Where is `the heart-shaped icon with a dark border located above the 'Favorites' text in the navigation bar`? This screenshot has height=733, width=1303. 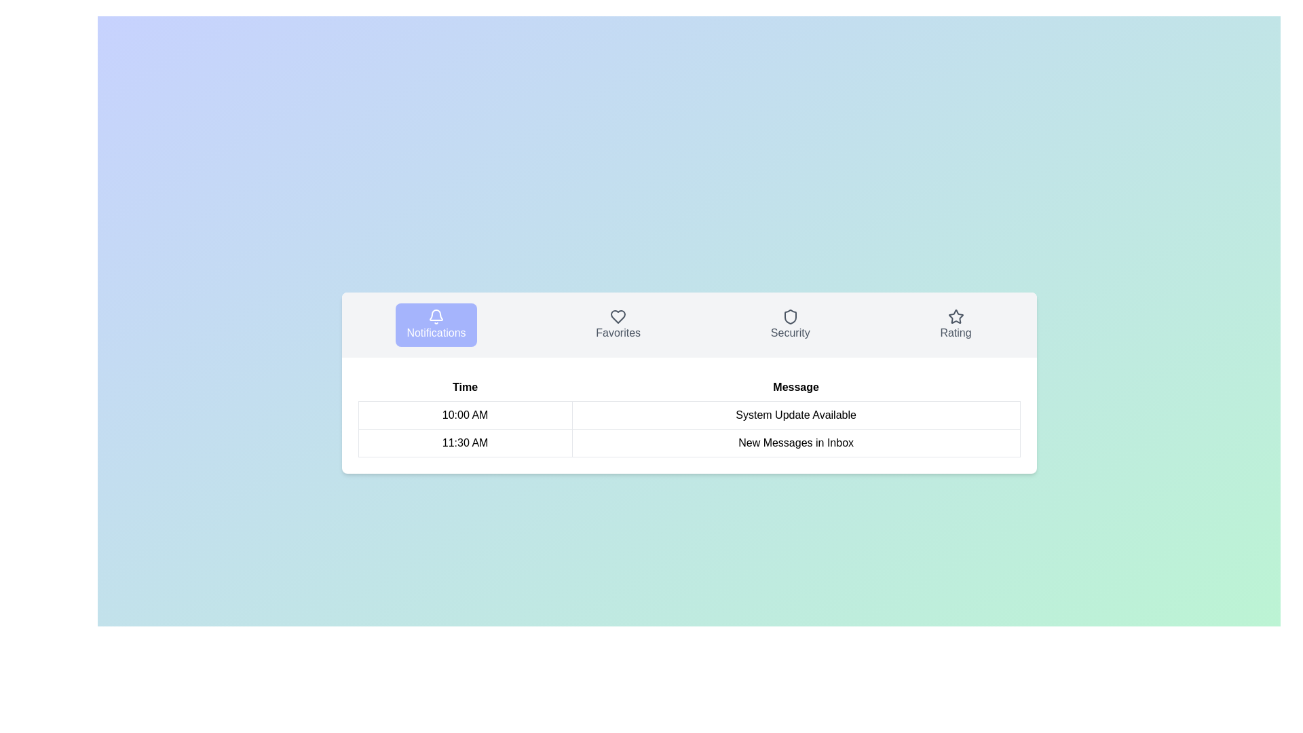 the heart-shaped icon with a dark border located above the 'Favorites' text in the navigation bar is located at coordinates (618, 316).